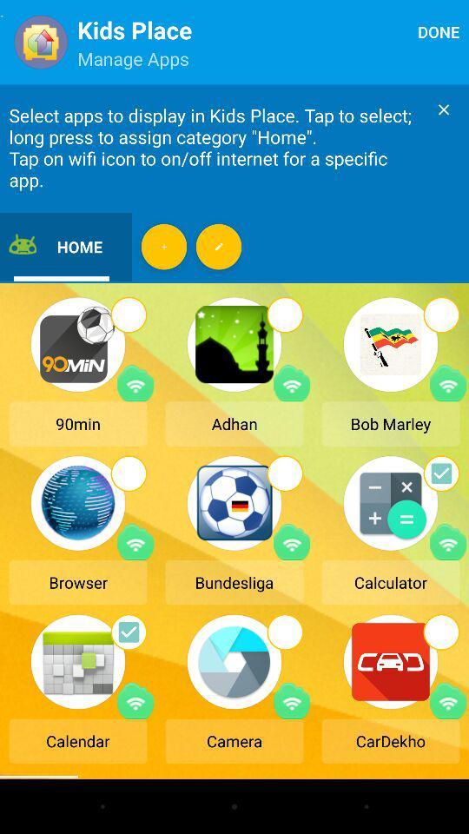 The width and height of the screenshot is (469, 834). Describe the element at coordinates (448, 383) in the screenshot. I see `wi-fi access for app` at that location.